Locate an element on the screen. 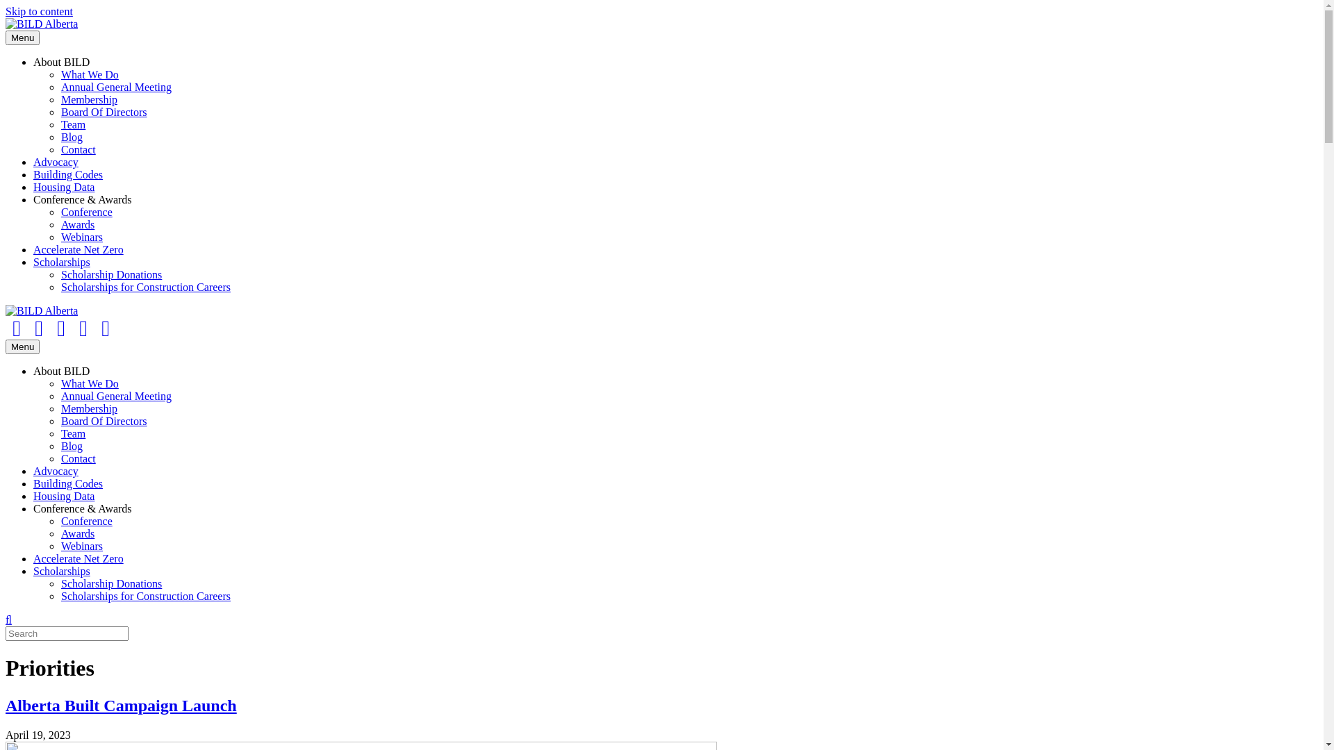 This screenshot has height=750, width=1334. 'Menu' is located at coordinates (22, 37).